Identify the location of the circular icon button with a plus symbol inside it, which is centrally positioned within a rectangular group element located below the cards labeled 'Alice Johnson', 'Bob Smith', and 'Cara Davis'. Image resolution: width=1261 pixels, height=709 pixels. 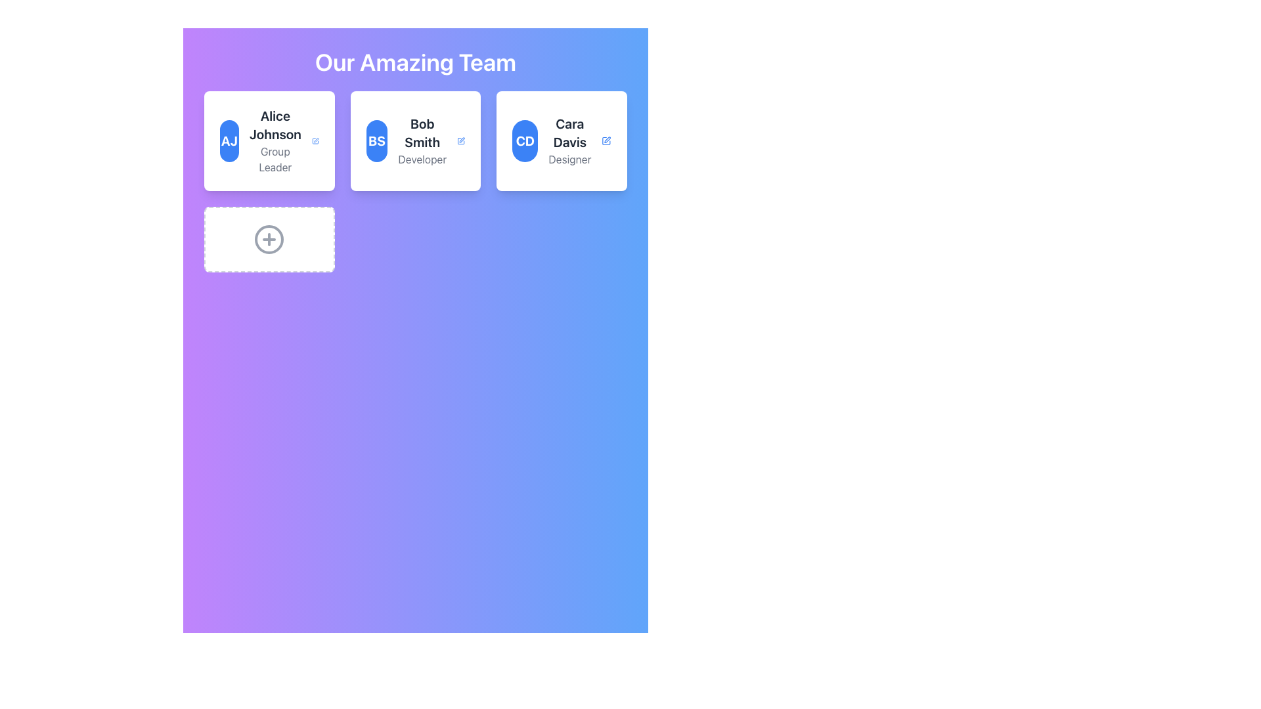
(269, 240).